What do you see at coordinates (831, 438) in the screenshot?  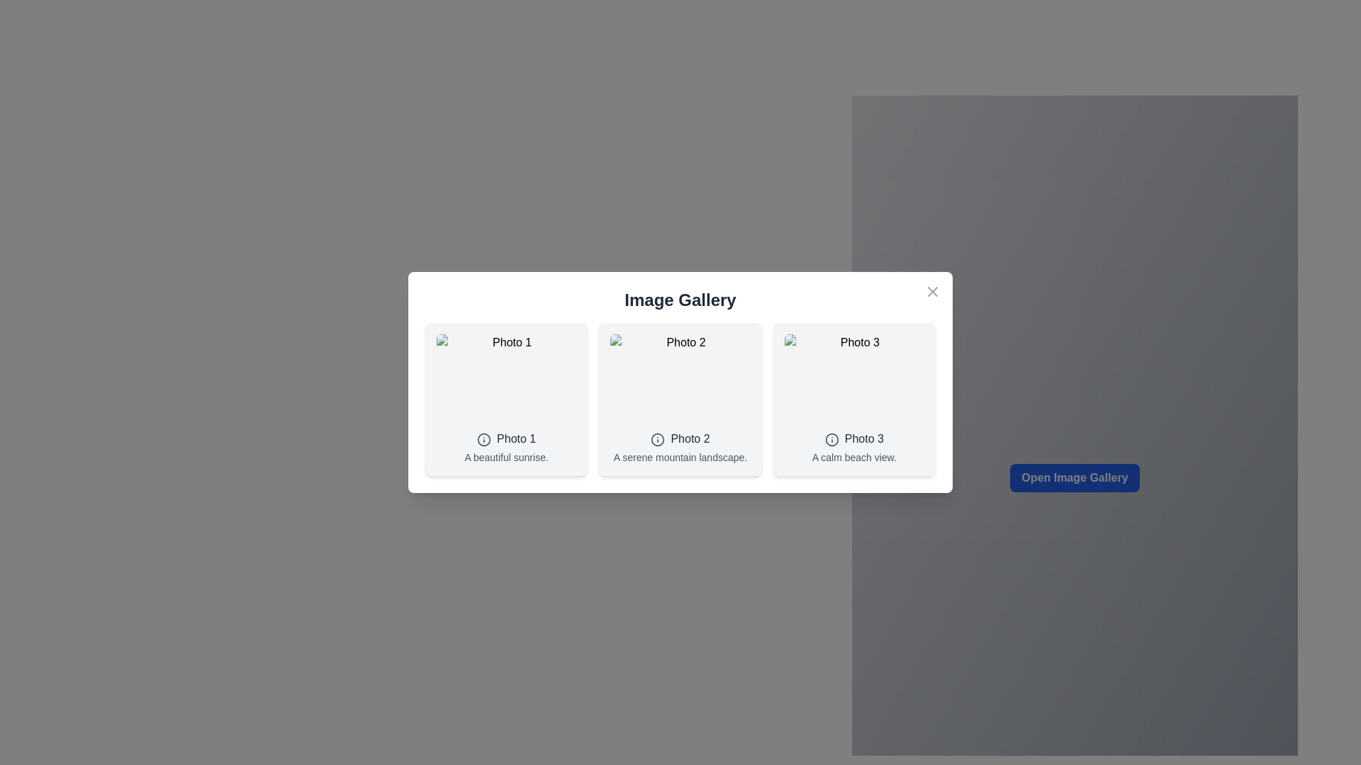 I see `the informational icon located in the third column of the image gallery, directly left of the label 'Photo 3' and above the description 'A calm beach view.'` at bounding box center [831, 438].